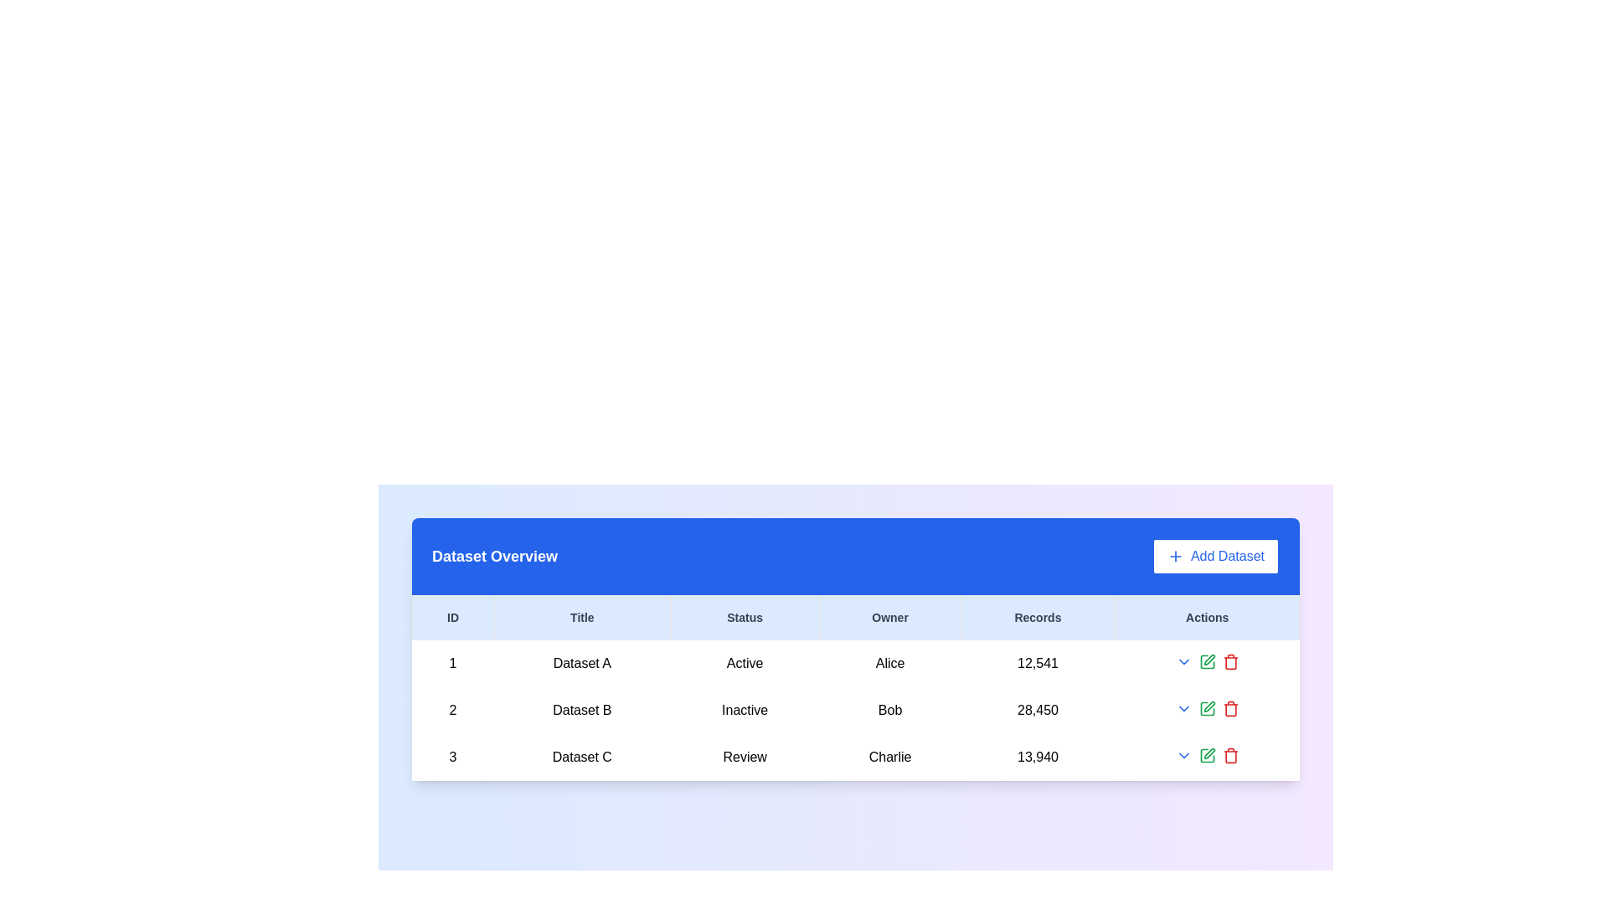 The image size is (1608, 904). I want to click on the green edit icon button, which is located in the 'Actions' column of the first row in the table, so click(1207, 660).